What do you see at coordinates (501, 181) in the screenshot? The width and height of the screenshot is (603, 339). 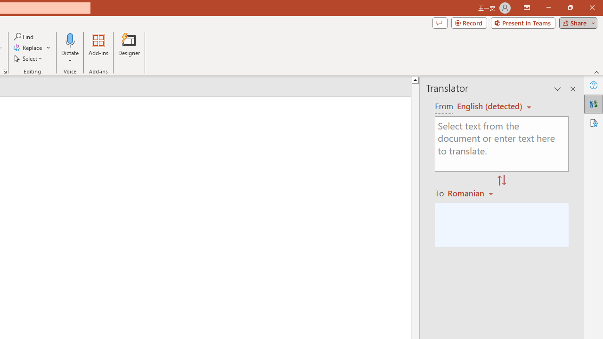 I see `'Swap "from" and "to" languages.'` at bounding box center [501, 181].